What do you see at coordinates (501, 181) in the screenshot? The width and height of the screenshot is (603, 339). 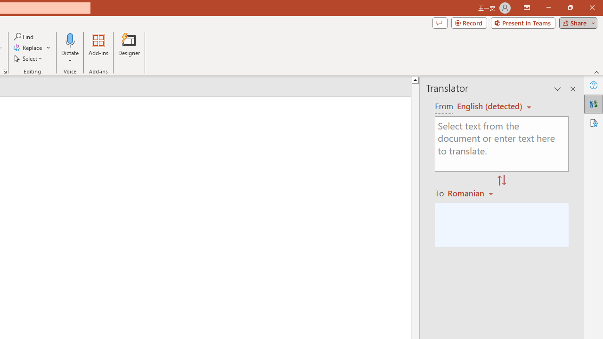 I see `'Swap "from" and "to" languages.'` at bounding box center [501, 181].